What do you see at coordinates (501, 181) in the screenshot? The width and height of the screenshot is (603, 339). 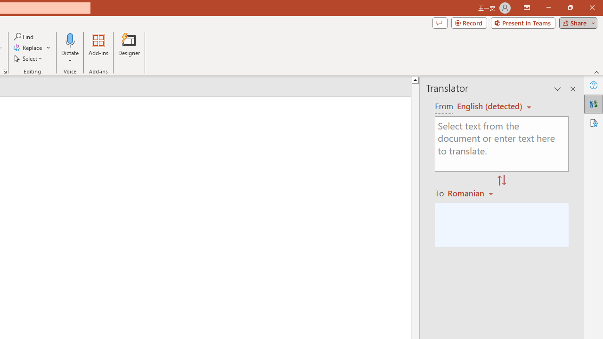 I see `'Swap "from" and "to" languages.'` at bounding box center [501, 181].